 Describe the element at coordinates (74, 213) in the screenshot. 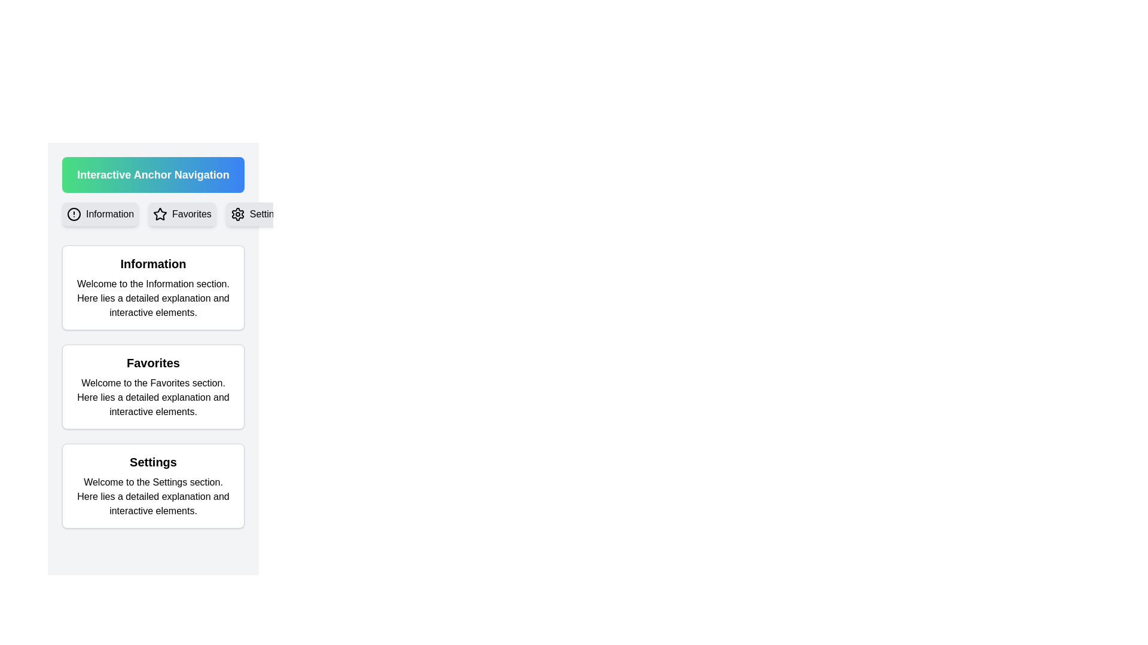

I see `the circular icon located near the top center of the user interface, which is part of the navigation section along with icons like 'Information,' 'Favorites,' and 'Settings.'` at that location.